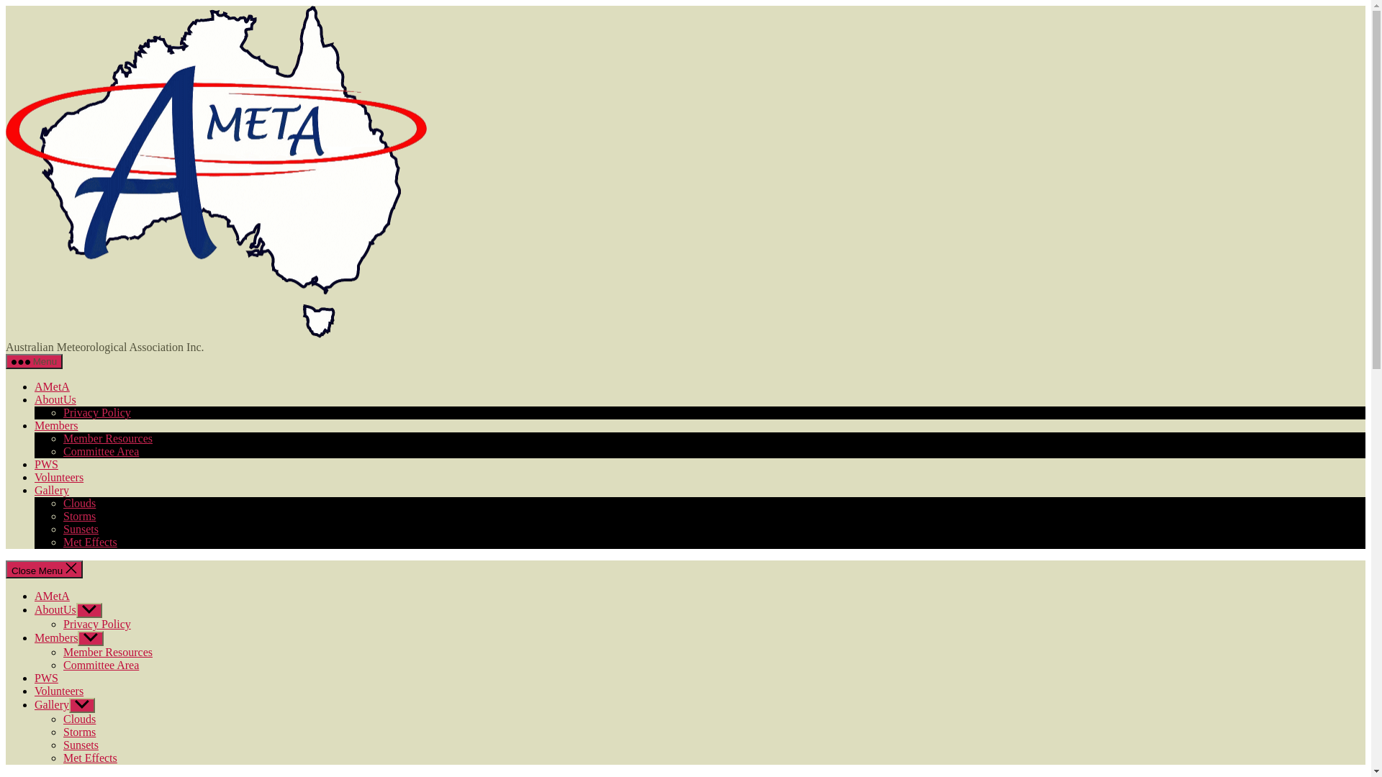  I want to click on 'Storms', so click(78, 732).